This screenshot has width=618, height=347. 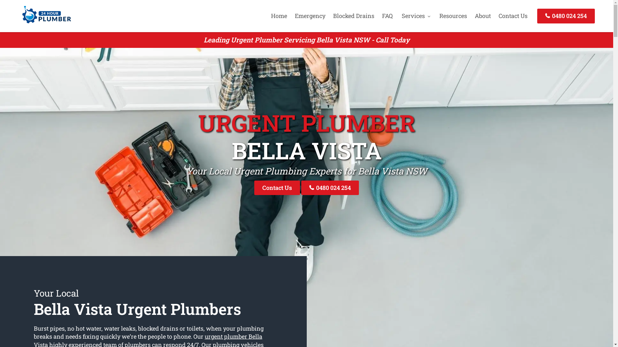 What do you see at coordinates (330, 188) in the screenshot?
I see `'0480 024 254'` at bounding box center [330, 188].